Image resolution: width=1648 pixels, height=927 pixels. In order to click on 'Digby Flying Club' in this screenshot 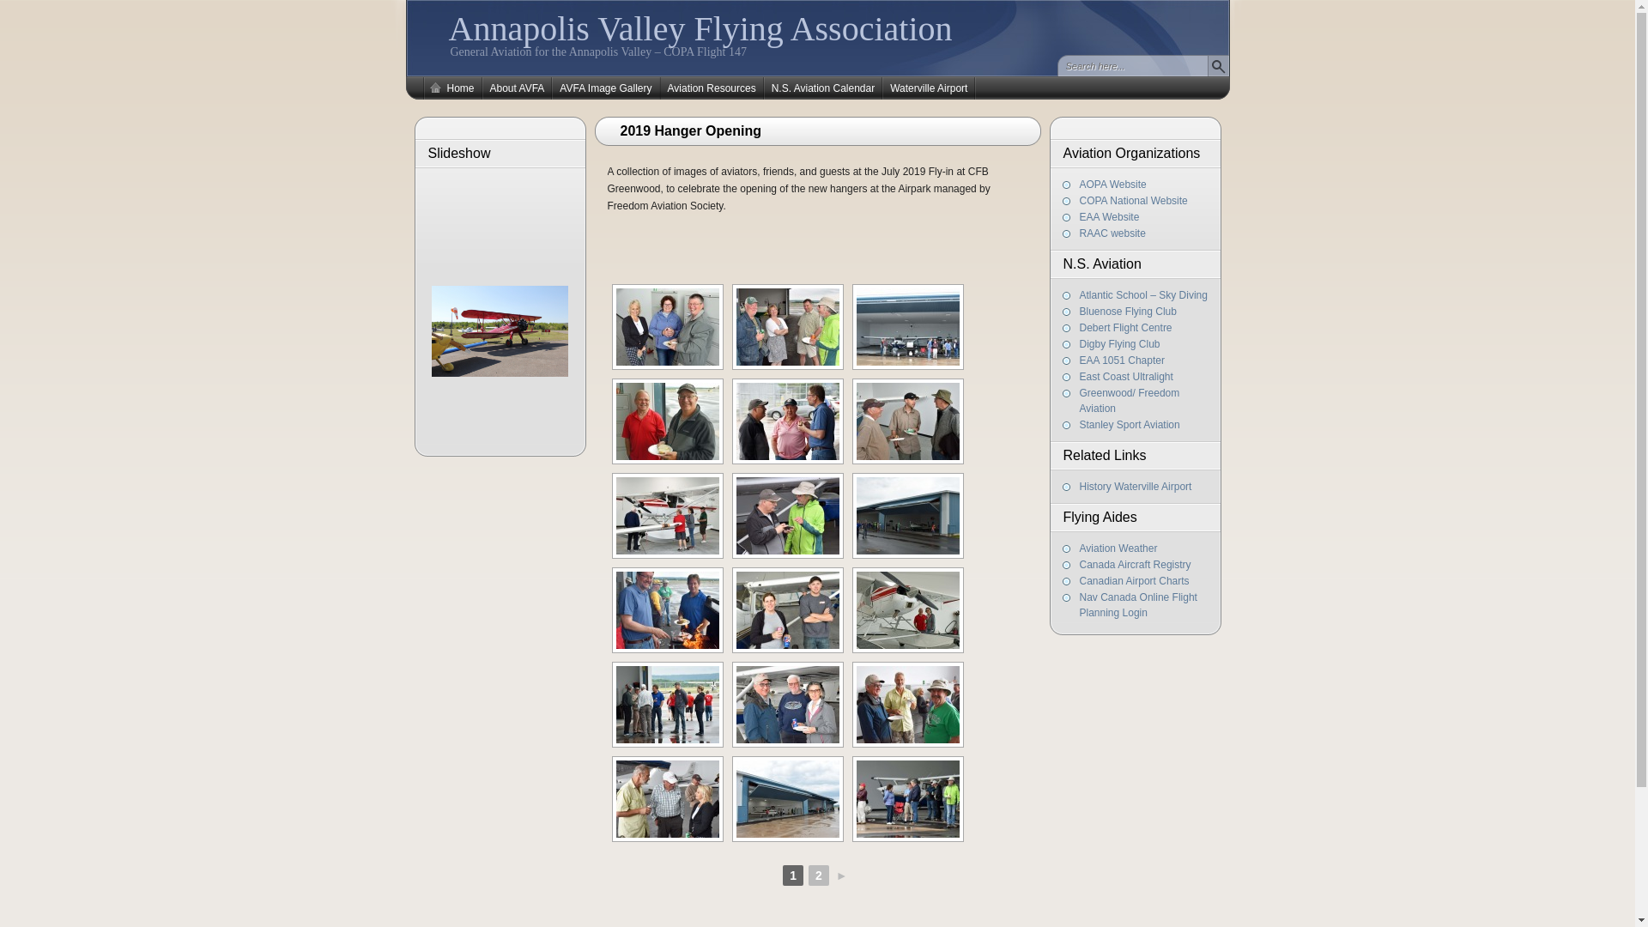, I will do `click(1120, 344)`.